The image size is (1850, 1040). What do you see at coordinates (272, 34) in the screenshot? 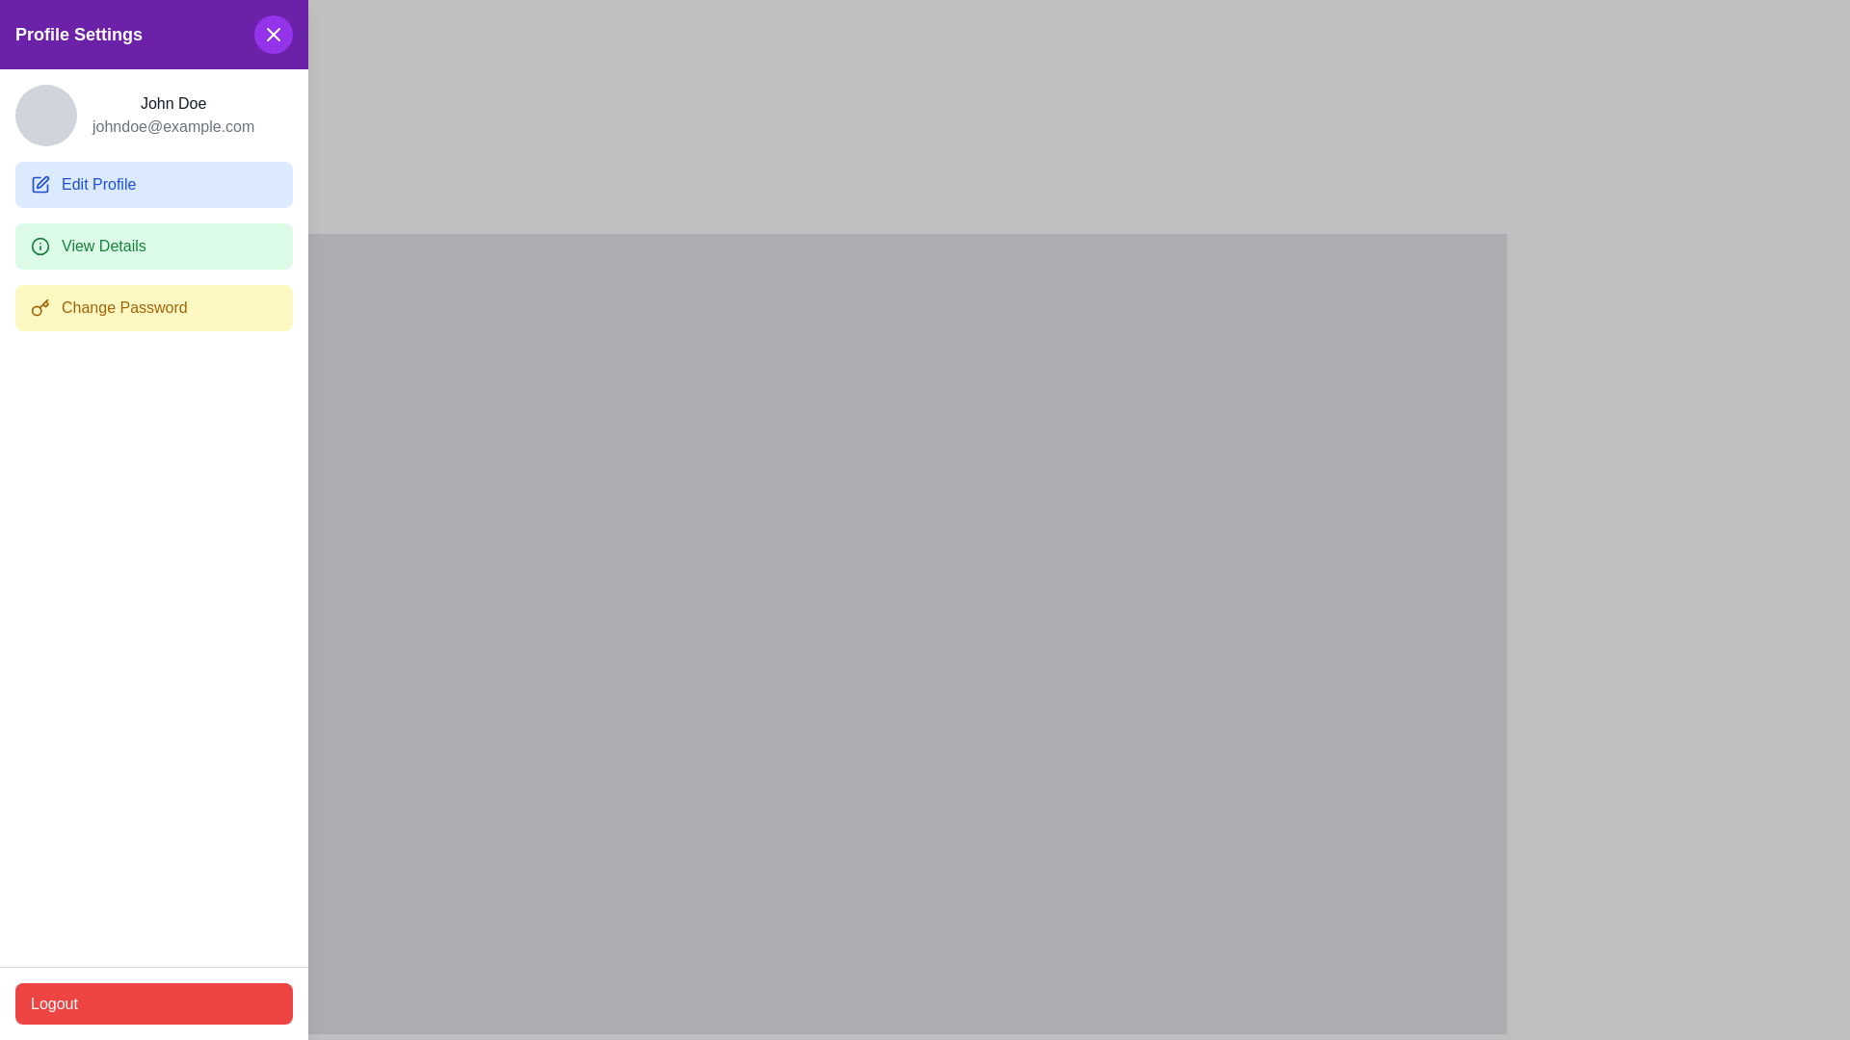
I see `the close icon located at the top-right corner of the 'Profile Settings' panel to potentially view additional information` at bounding box center [272, 34].